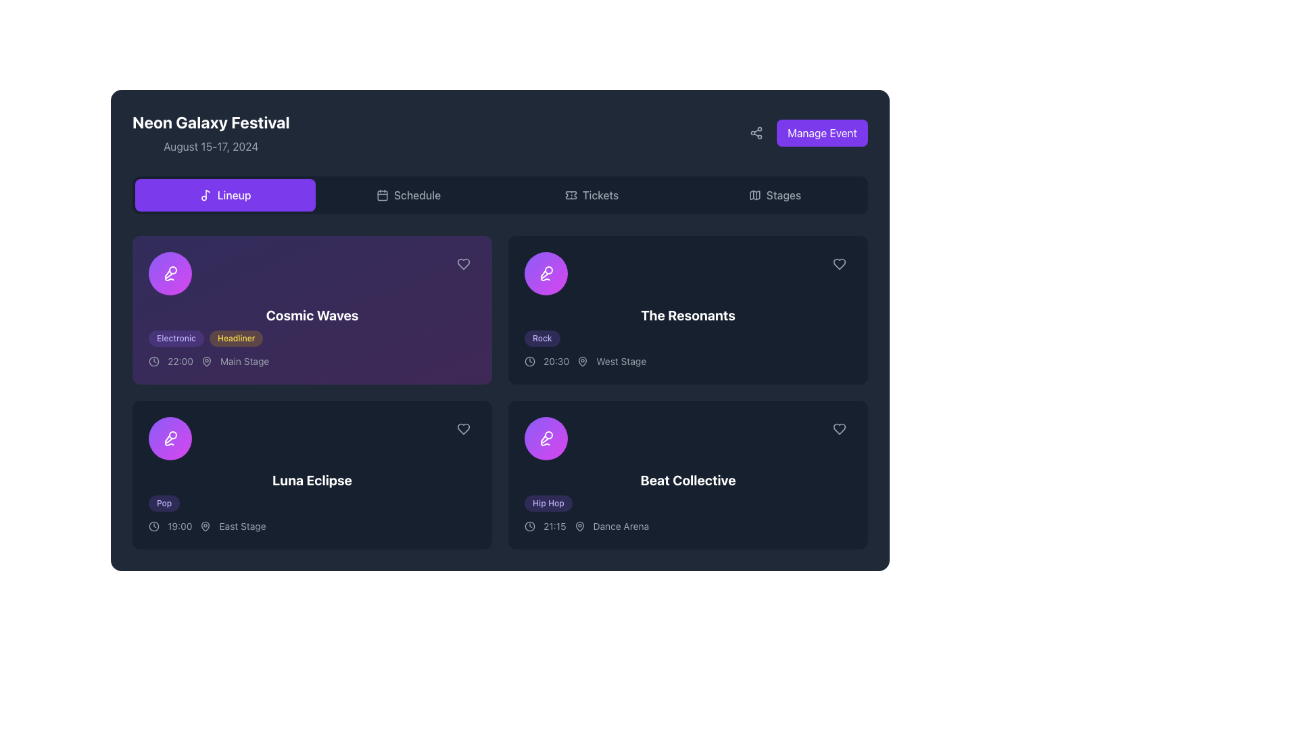 Image resolution: width=1298 pixels, height=730 pixels. I want to click on the pill-shaped tag labeled 'Hip Hop' with light violet text on a darker violet background, positioned above the event details for 'Beat Collective' in the 'Lineup' section, so click(548, 503).